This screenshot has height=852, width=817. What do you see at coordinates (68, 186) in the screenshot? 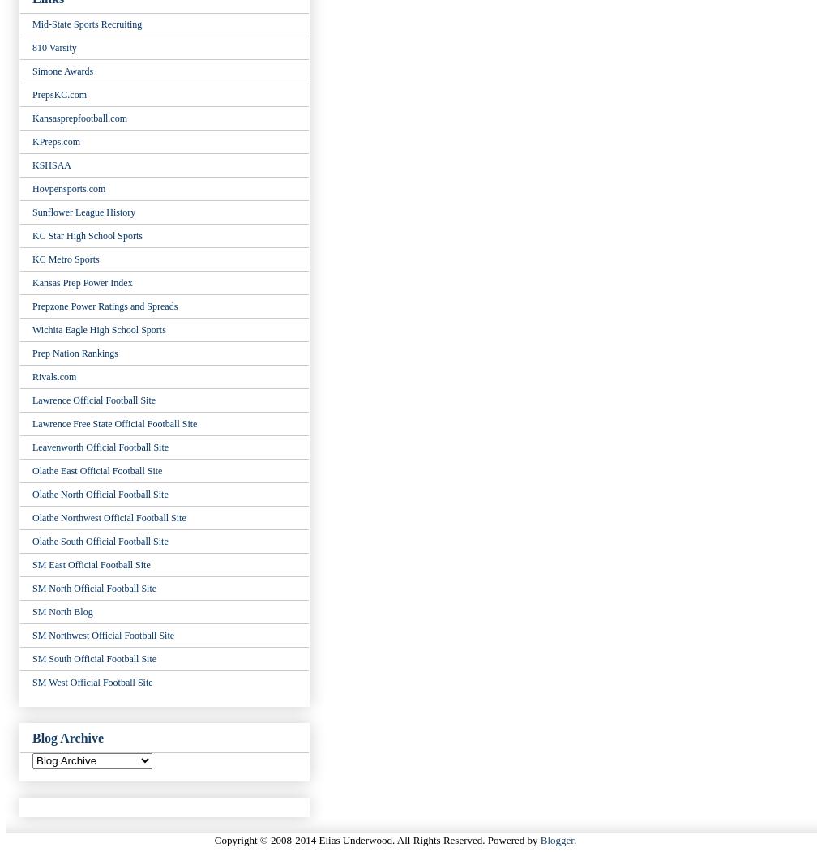
I see `'Hovpensports.com'` at bounding box center [68, 186].